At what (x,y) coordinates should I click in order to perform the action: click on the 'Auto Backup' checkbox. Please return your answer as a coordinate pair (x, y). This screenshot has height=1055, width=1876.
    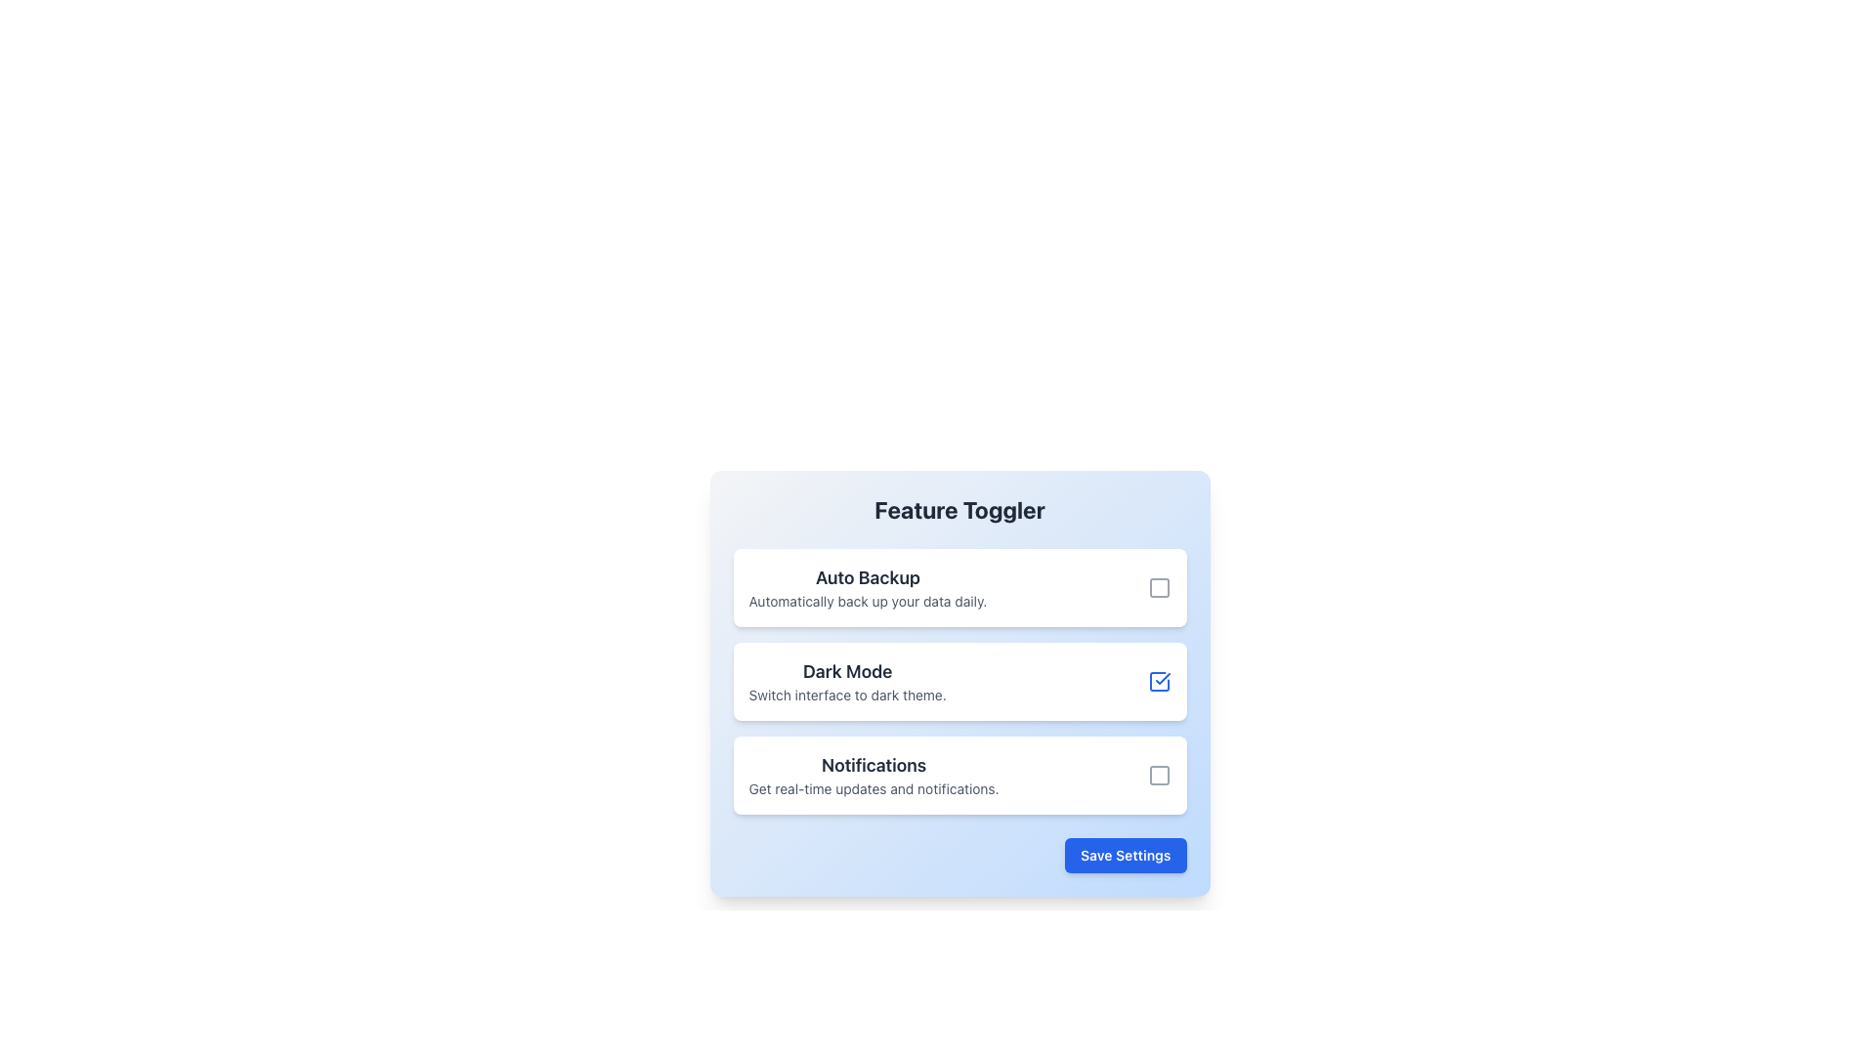
    Looking at the image, I should click on (1159, 586).